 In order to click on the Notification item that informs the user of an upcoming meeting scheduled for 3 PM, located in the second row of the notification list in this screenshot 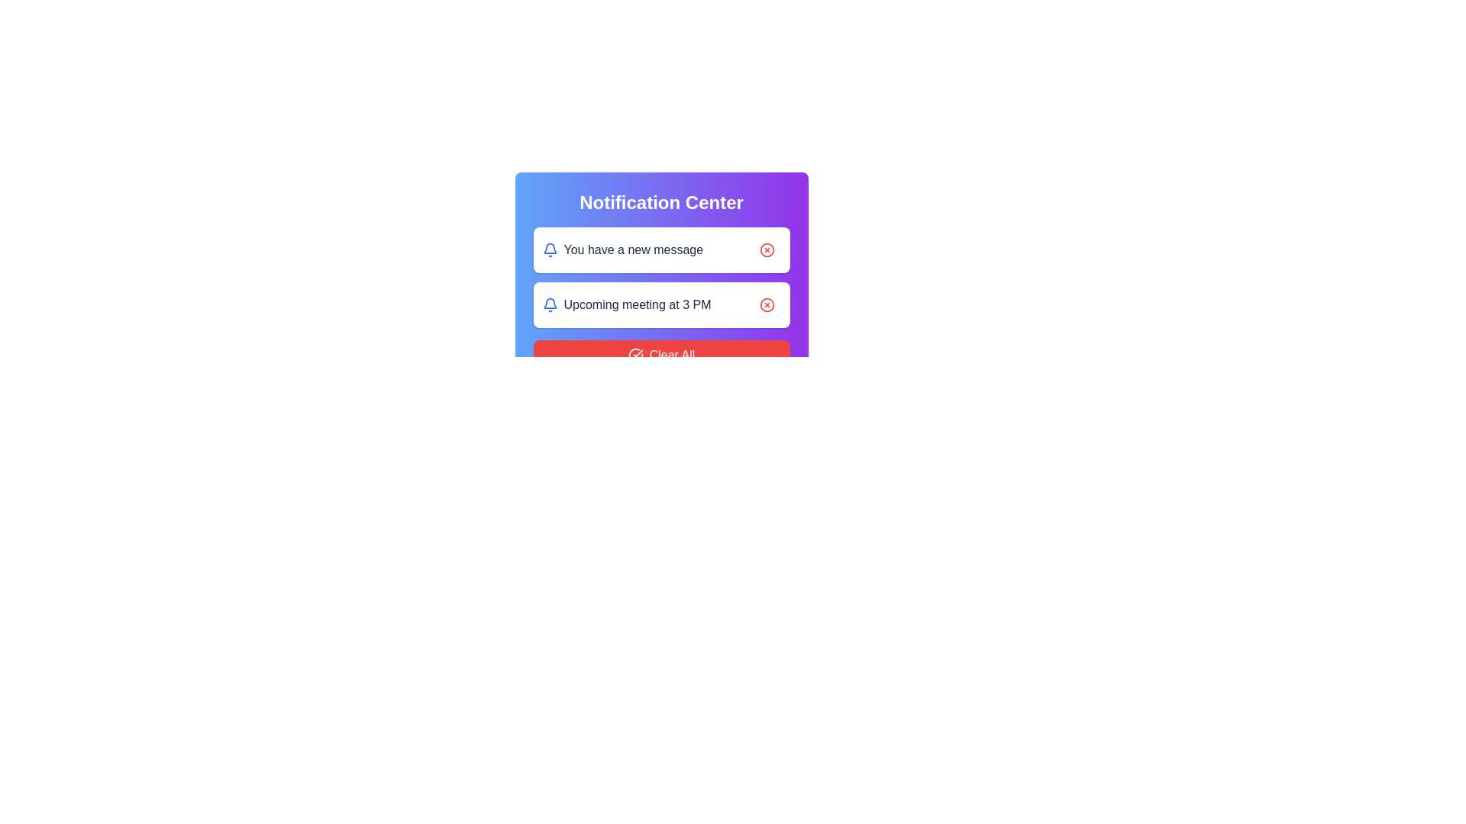, I will do `click(626, 305)`.